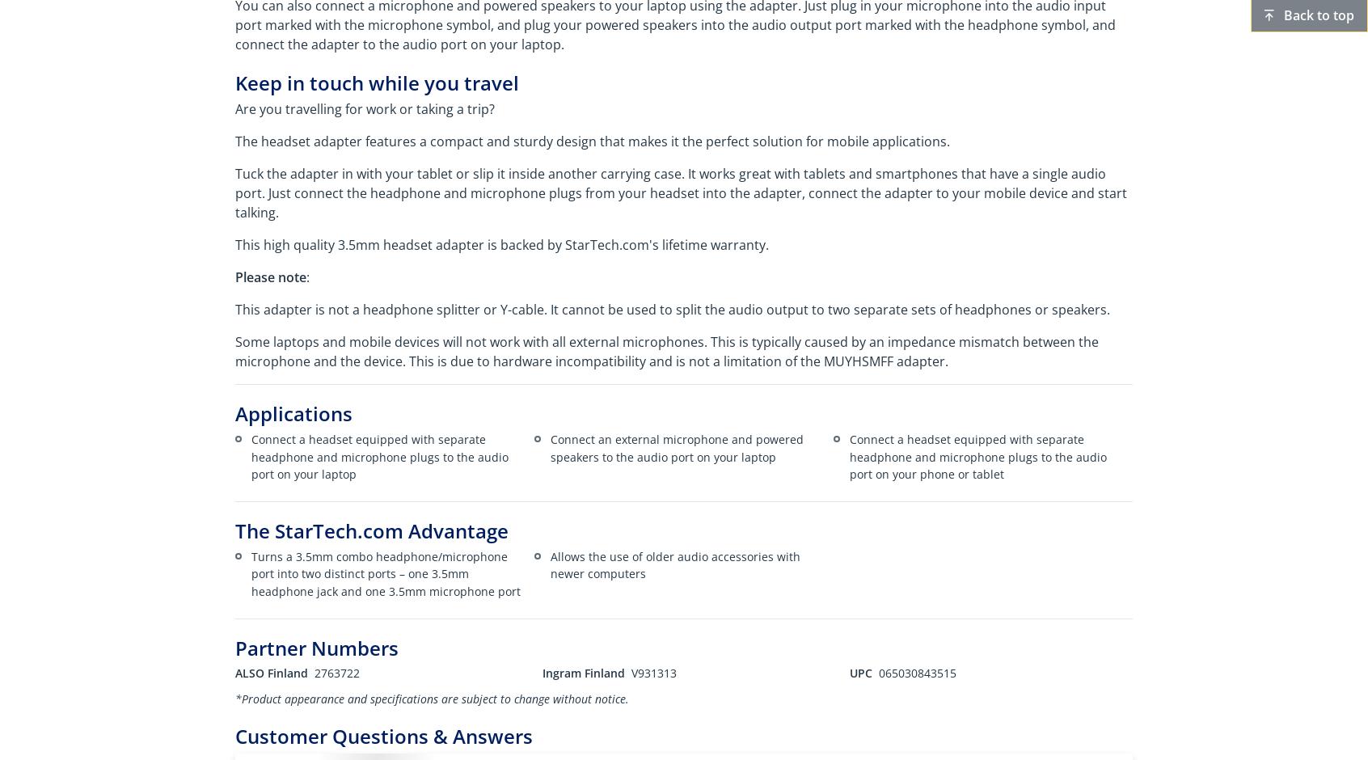 The image size is (1368, 760). What do you see at coordinates (385, 573) in the screenshot?
I see `'Turns a 3.5mm combo headphone/microphone port into two distinct ports – one 3.5mm headphone jack and one 3.5mm microphone port'` at bounding box center [385, 573].